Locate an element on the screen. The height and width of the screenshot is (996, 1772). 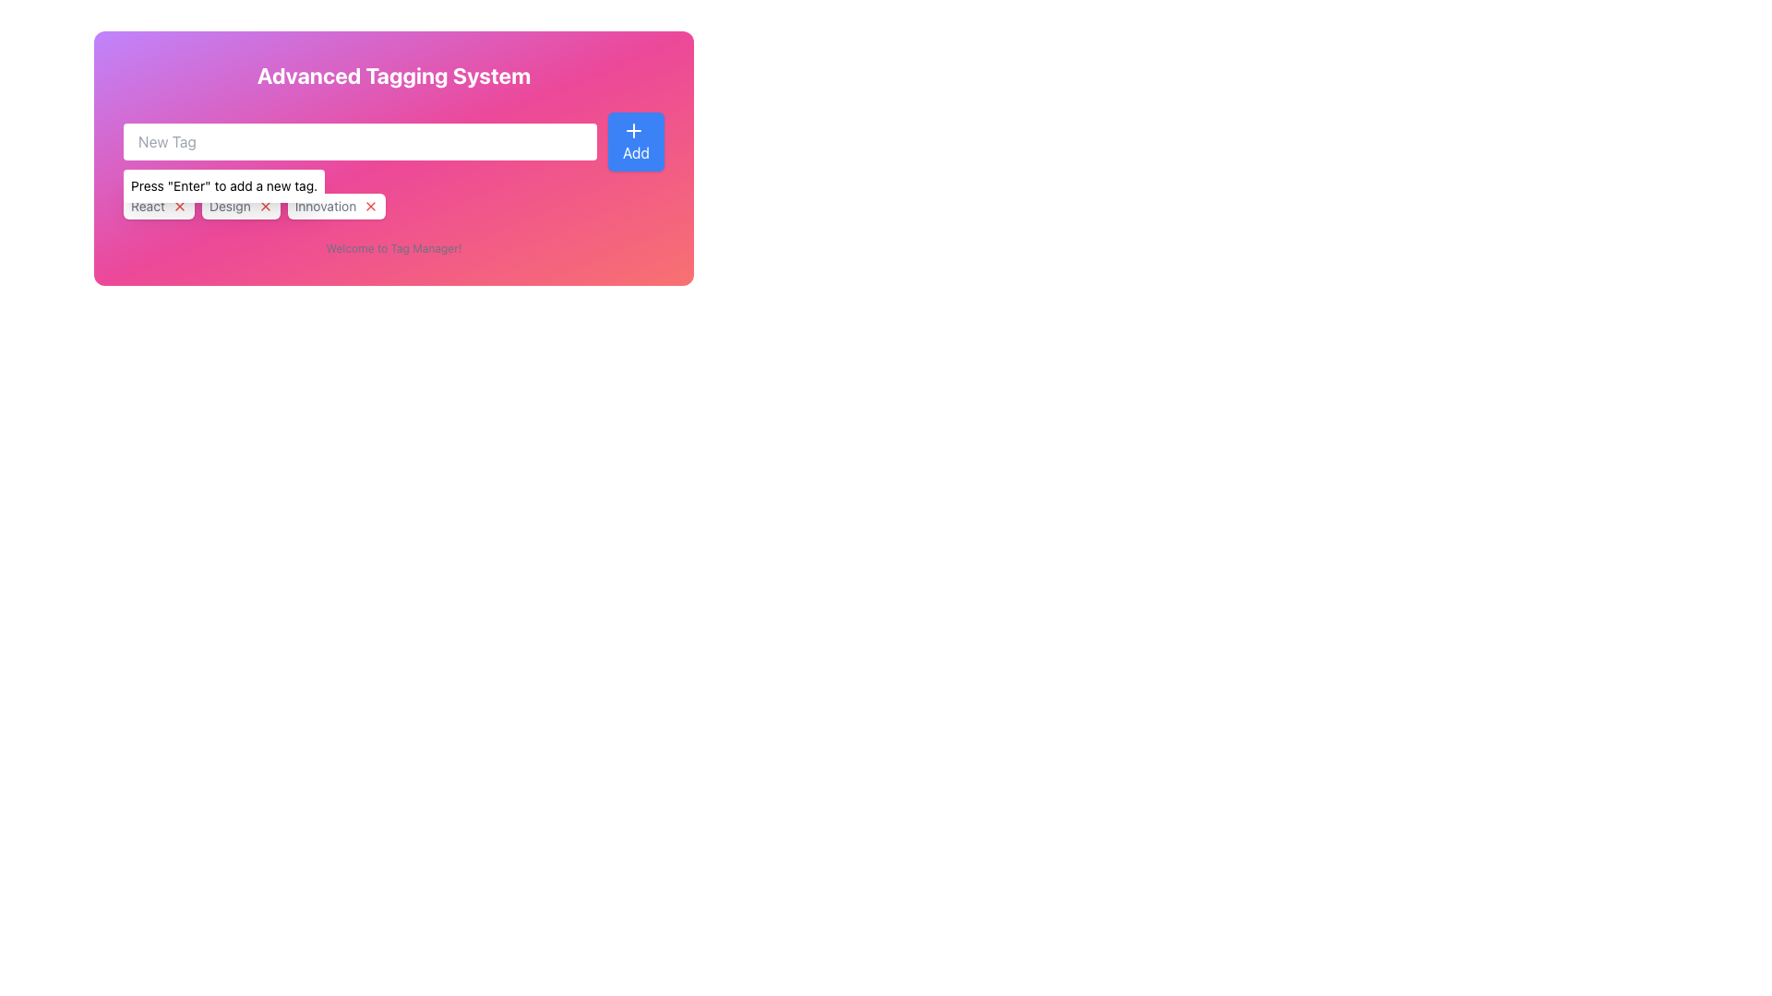
the red 'X' icon button located to the right of the 'Innovation' tag is located at coordinates (370, 206).